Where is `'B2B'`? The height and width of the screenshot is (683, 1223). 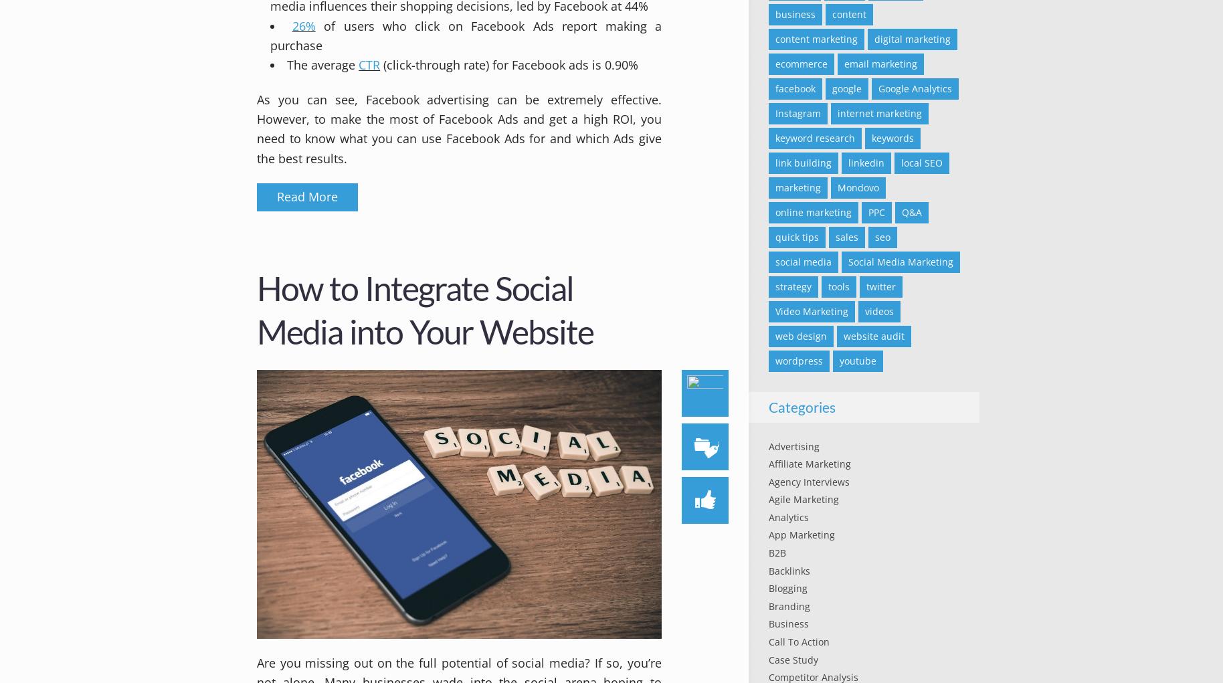
'B2B' is located at coordinates (777, 553).